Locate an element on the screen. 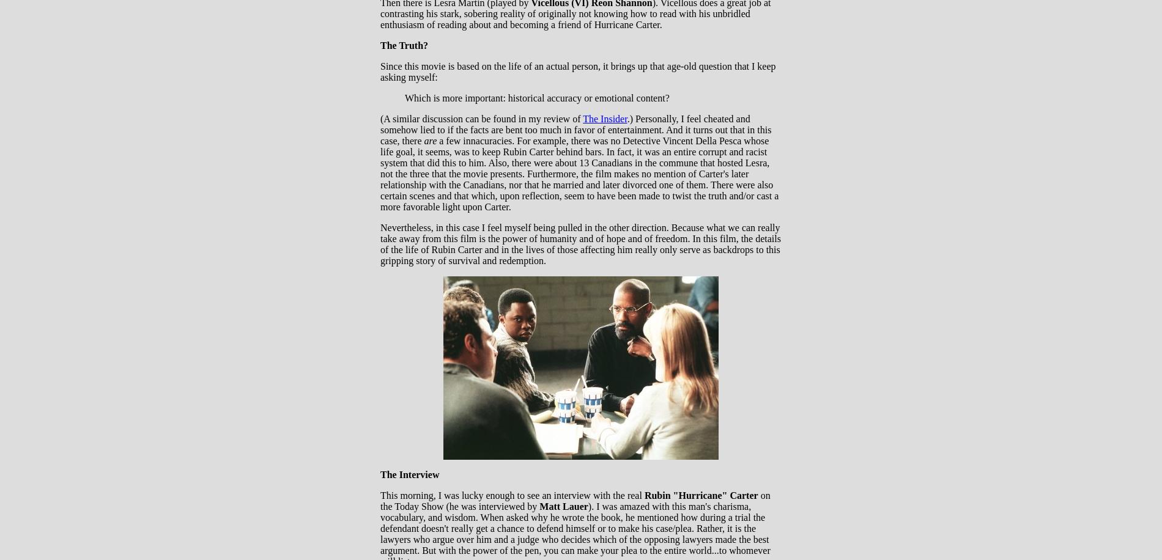 This screenshot has height=560, width=1162. 'Rubin "Hurricane" Carter' is located at coordinates (701, 495).